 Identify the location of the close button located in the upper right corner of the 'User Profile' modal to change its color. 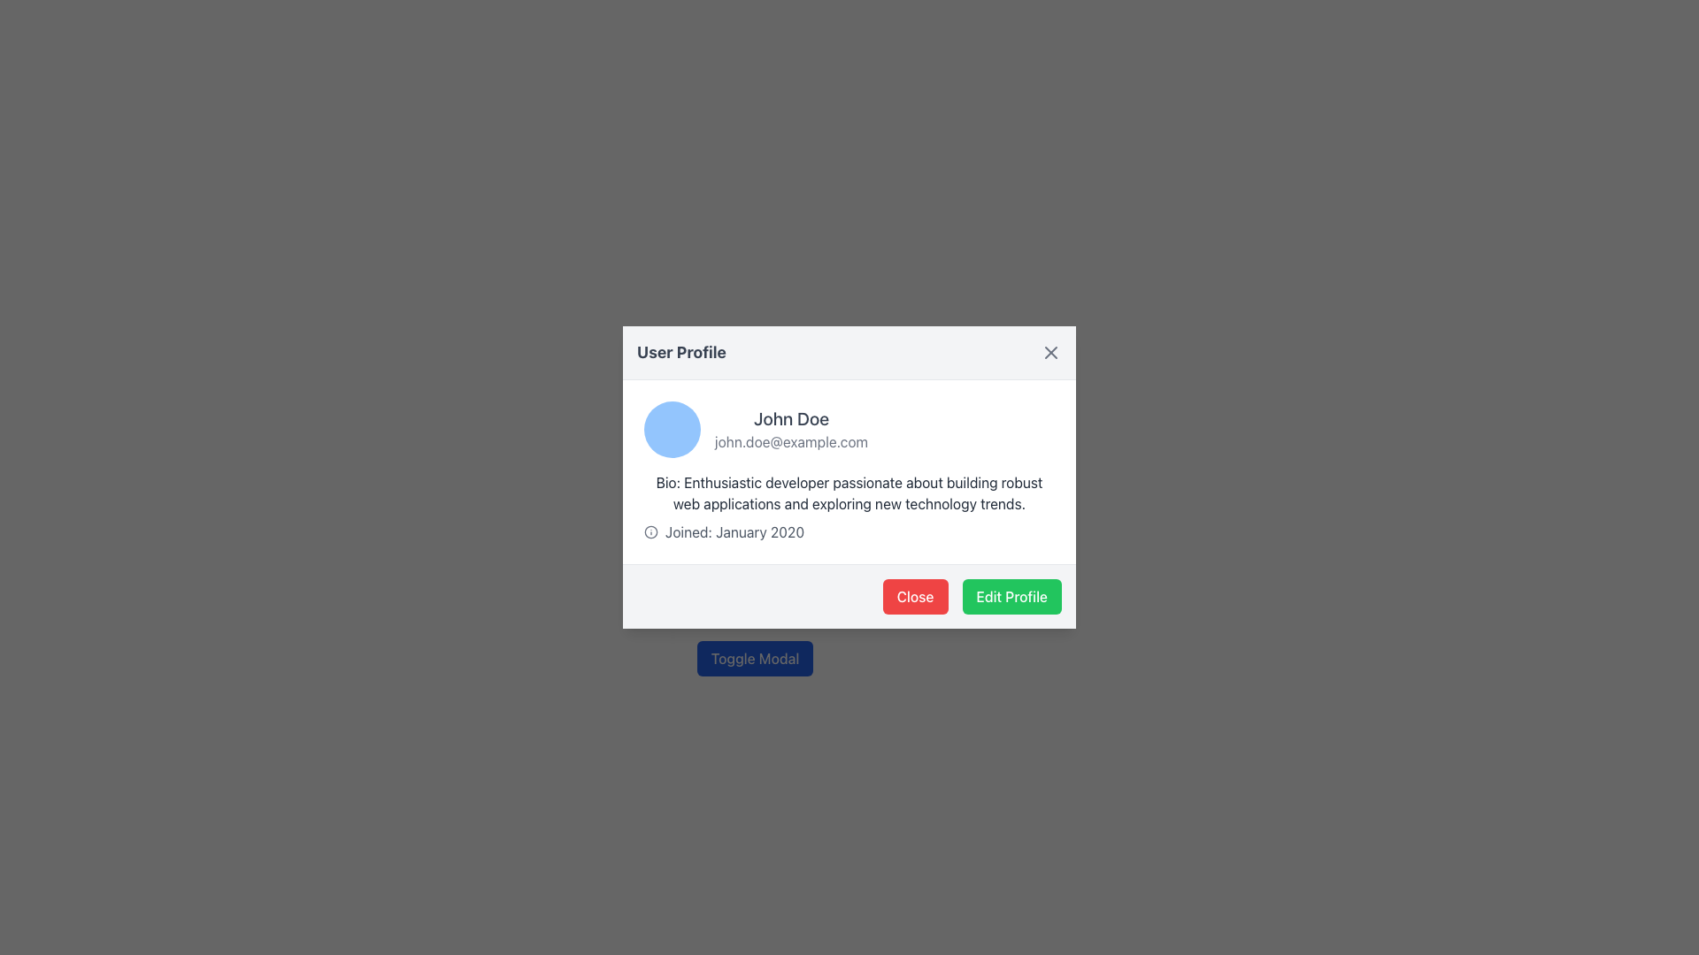
(1051, 352).